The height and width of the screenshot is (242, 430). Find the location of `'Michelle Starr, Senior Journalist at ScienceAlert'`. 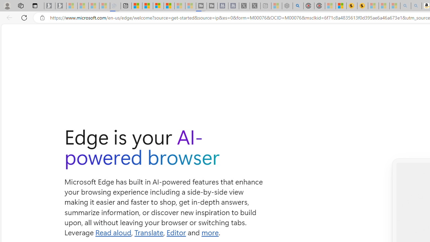

'Michelle Starr, Senior Journalist at ScienceAlert' is located at coordinates (362, 6).